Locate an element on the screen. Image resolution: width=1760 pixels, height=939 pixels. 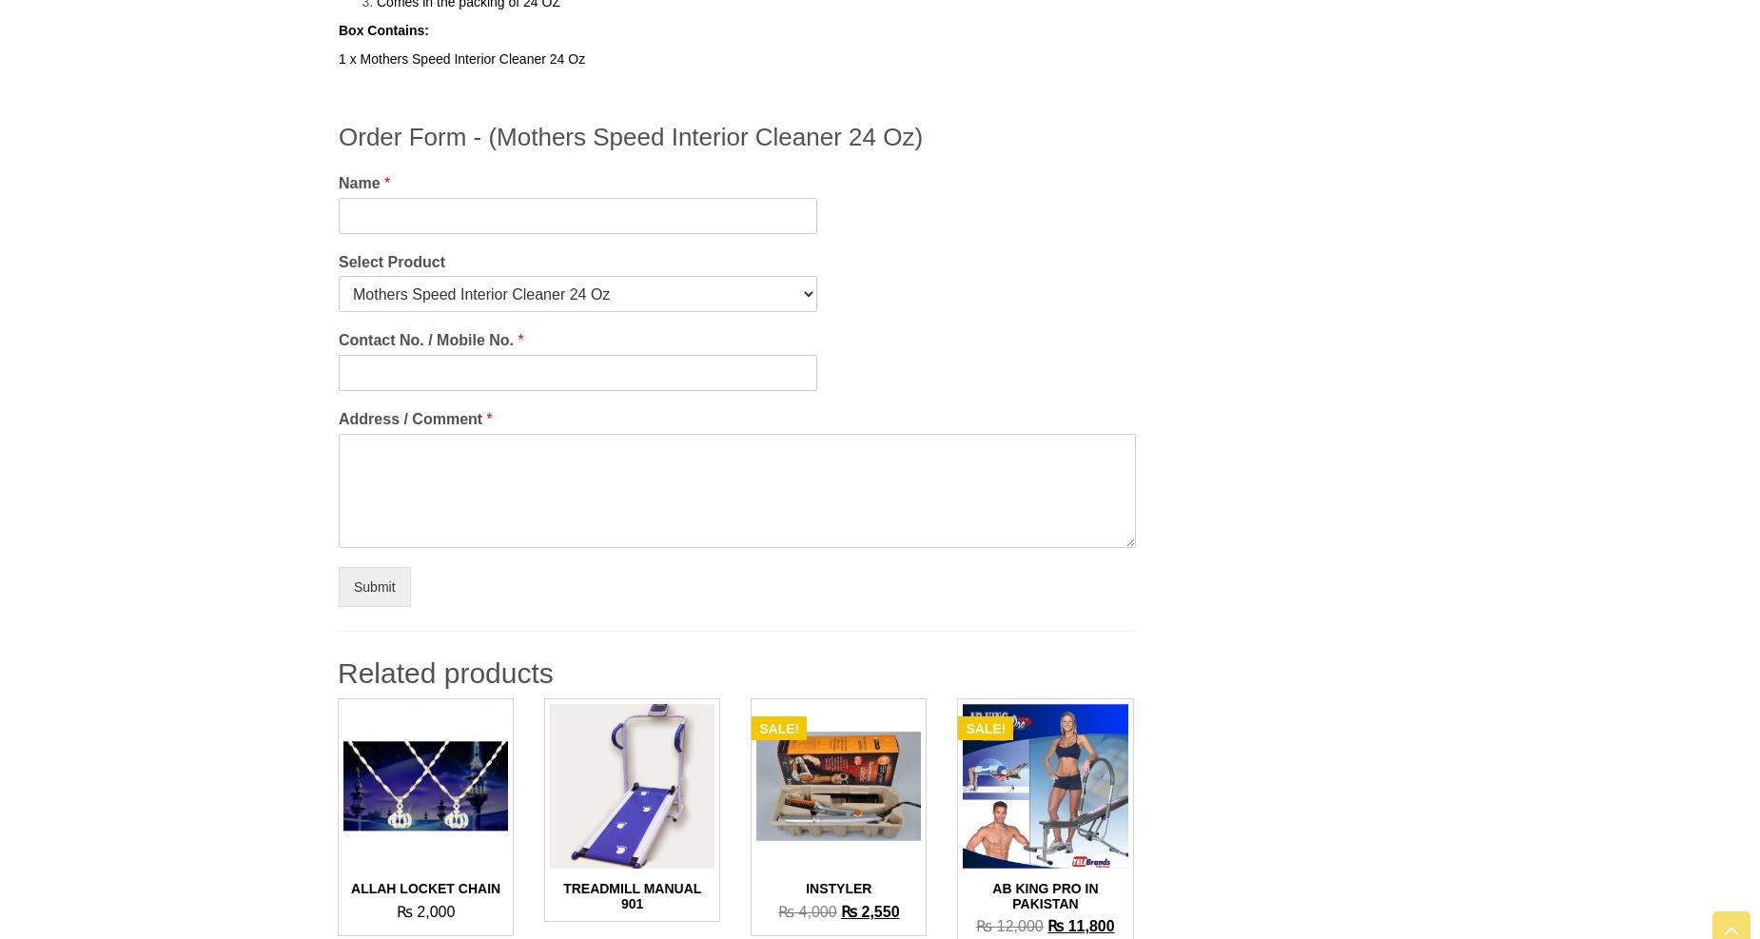
'Name' is located at coordinates (337, 181).